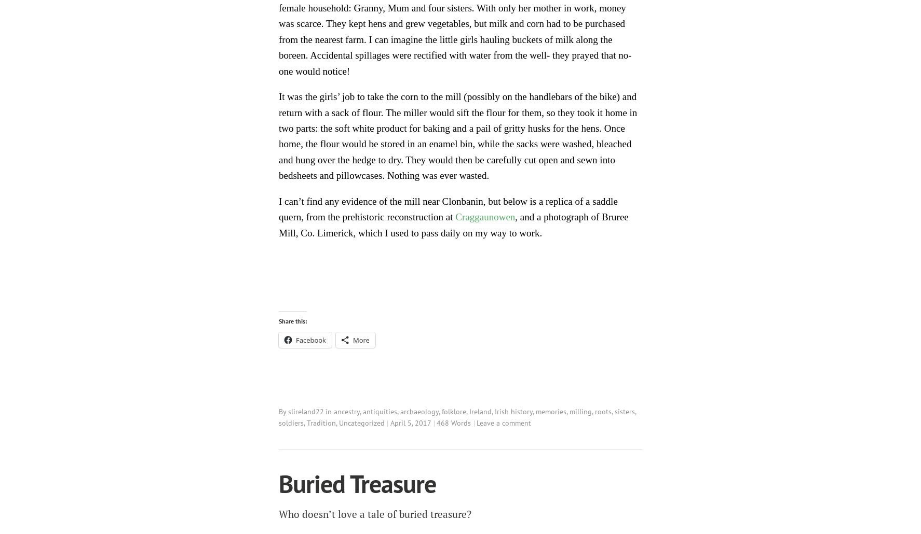  I want to click on 'Share this:', so click(292, 320).